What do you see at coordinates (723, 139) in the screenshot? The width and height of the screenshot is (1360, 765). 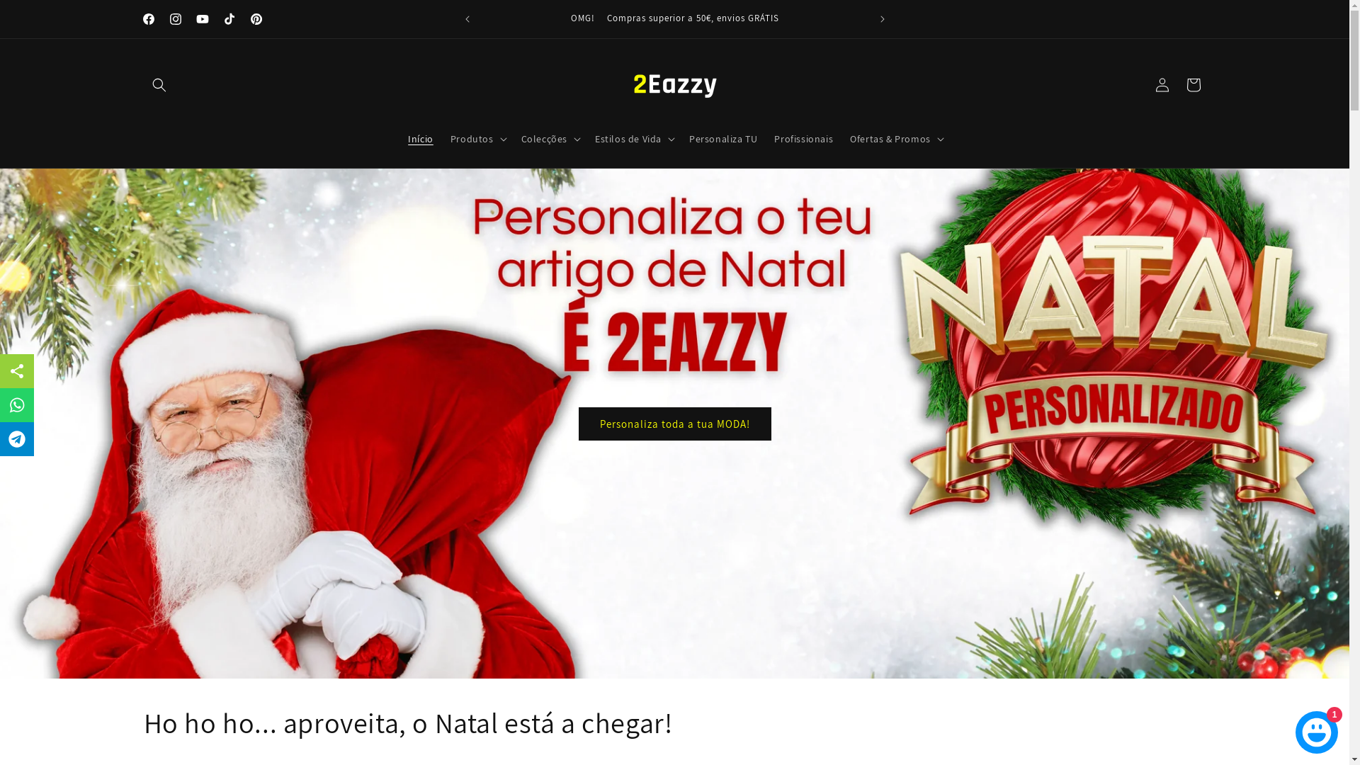 I see `'Personaliza TU'` at bounding box center [723, 139].